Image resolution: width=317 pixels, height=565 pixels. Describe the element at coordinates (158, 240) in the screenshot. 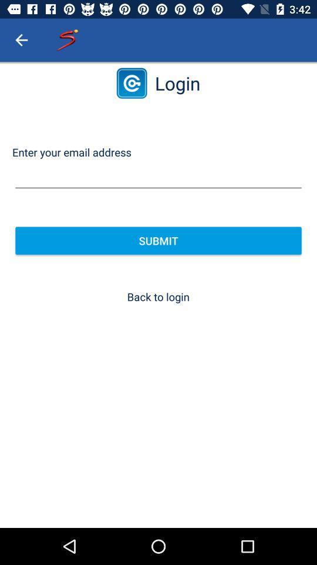

I see `the item above the back to login item` at that location.